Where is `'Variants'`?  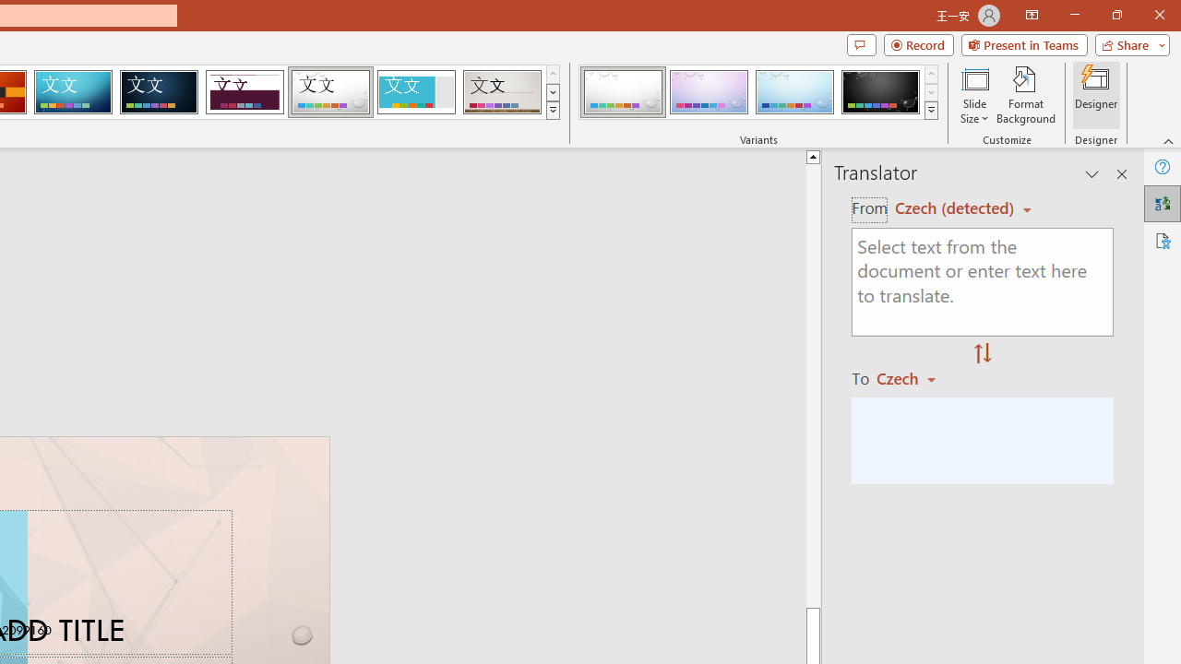 'Variants' is located at coordinates (931, 111).